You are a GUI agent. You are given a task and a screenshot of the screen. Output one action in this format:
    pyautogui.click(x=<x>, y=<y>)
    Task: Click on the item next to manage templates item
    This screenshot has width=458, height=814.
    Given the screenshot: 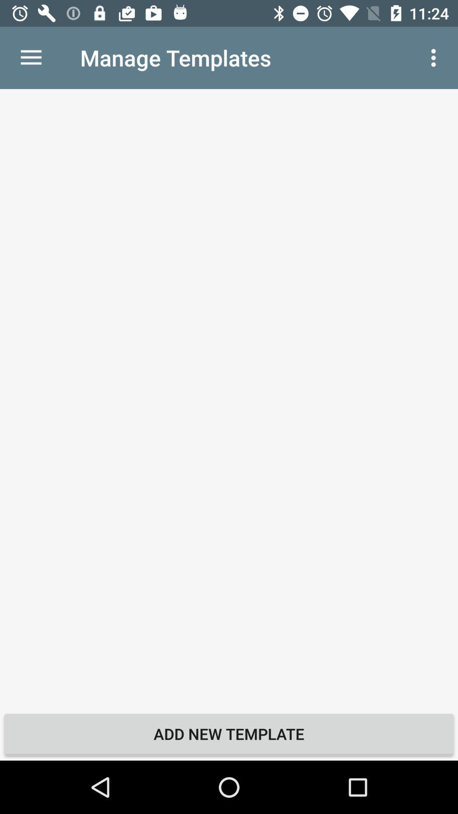 What is the action you would take?
    pyautogui.click(x=436, y=57)
    